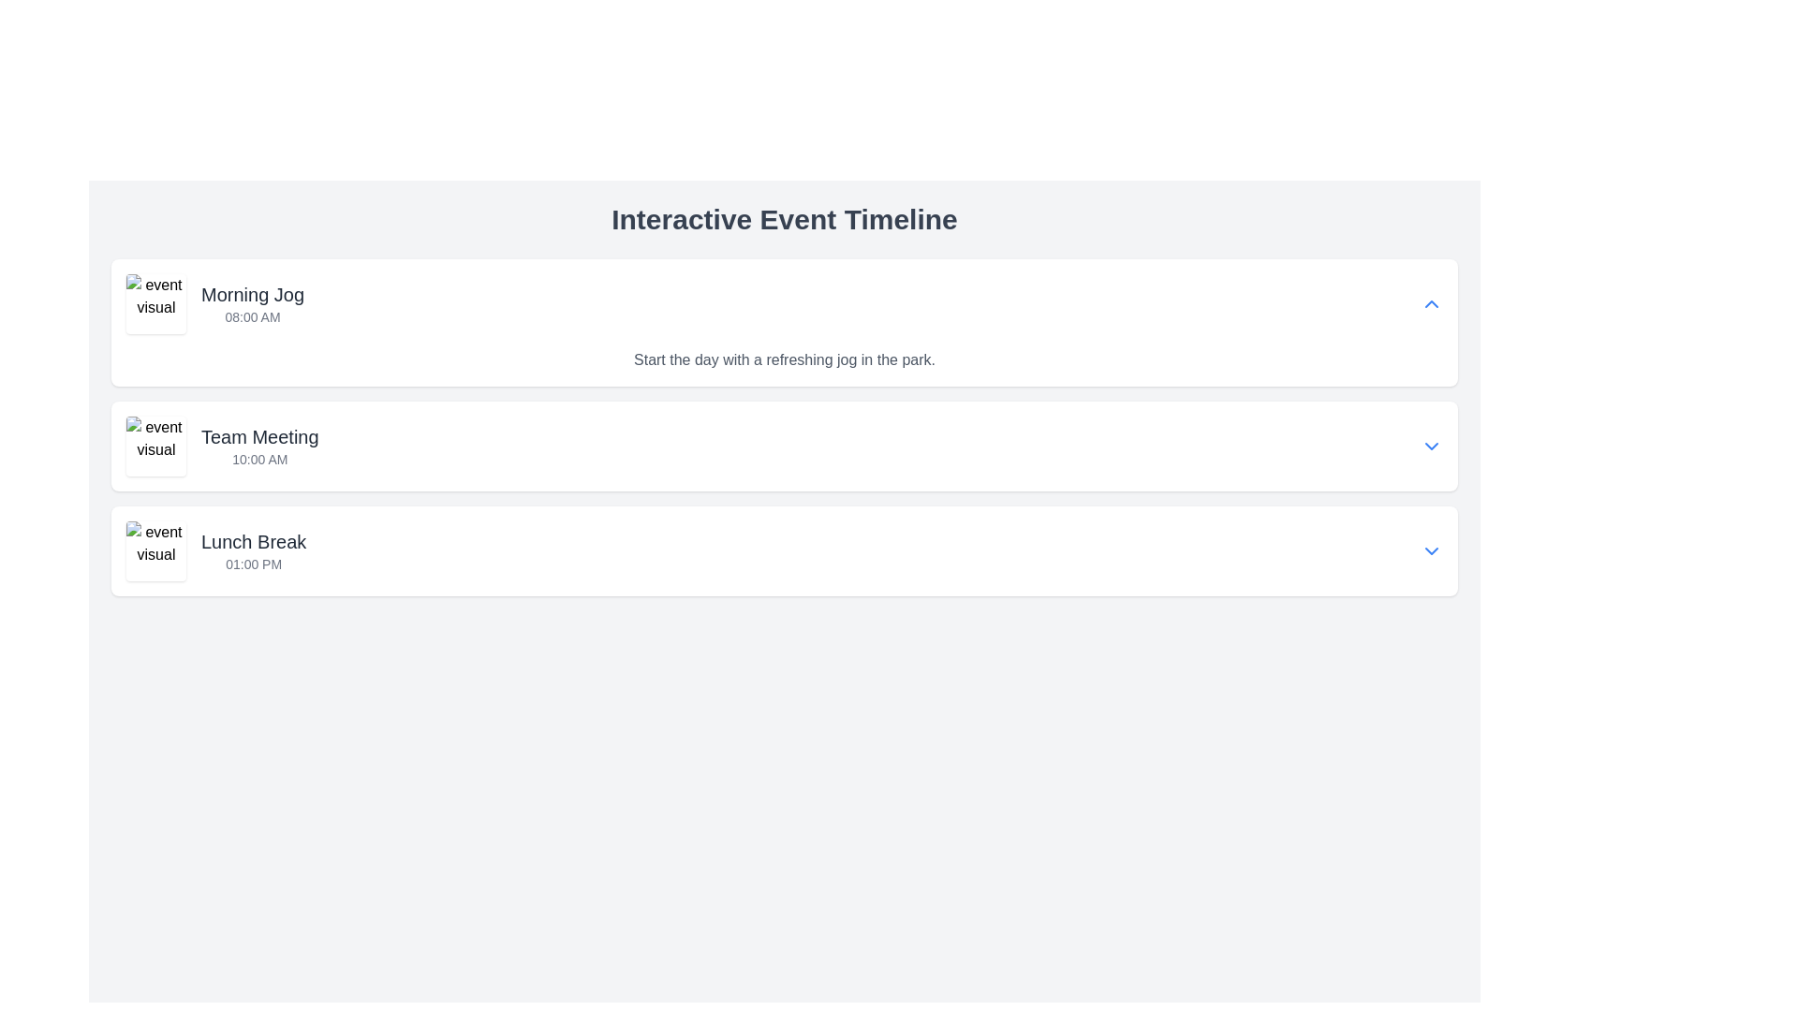 The width and height of the screenshot is (1798, 1011). I want to click on the second list item titled 'Team Meeting' which includes the time '10:00 AM' for additional visual feedback, so click(785, 447).